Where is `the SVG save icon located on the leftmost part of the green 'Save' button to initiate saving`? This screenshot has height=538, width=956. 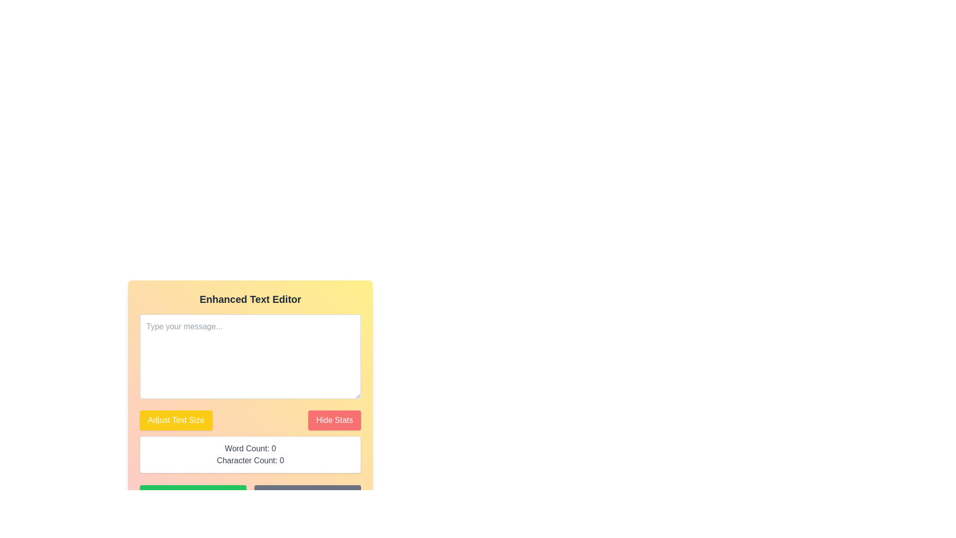
the SVG save icon located on the leftmost part of the green 'Save' button to initiate saving is located at coordinates (182, 495).